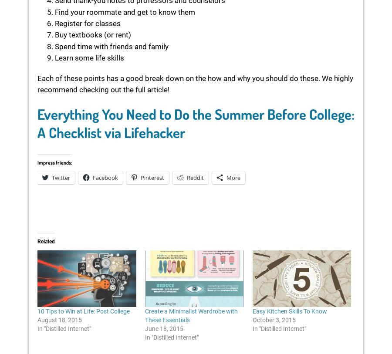 Image resolution: width=392 pixels, height=354 pixels. What do you see at coordinates (314, 69) in the screenshot?
I see `'Comment'` at bounding box center [314, 69].